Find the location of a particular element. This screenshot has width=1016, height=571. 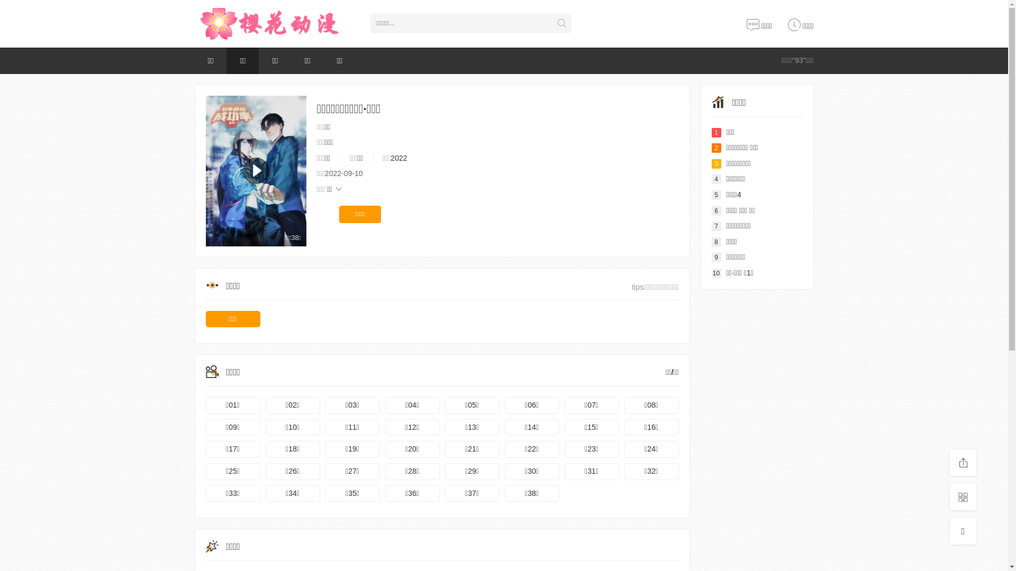

'2022' is located at coordinates (398, 158).